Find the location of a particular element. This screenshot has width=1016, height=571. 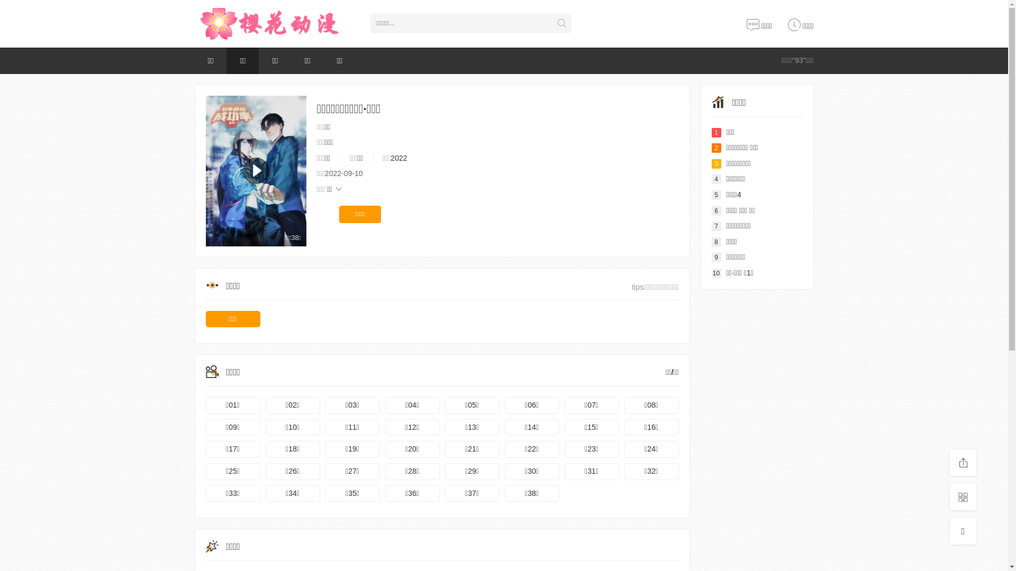

'2022' is located at coordinates (398, 158).